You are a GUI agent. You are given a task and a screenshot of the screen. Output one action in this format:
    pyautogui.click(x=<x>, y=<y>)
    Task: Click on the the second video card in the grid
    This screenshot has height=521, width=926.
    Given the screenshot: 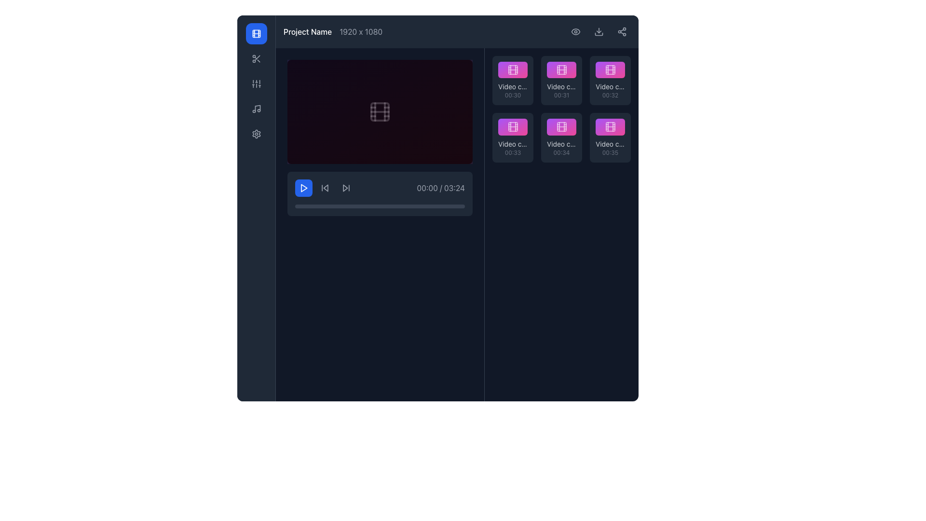 What is the action you would take?
    pyautogui.click(x=561, y=80)
    